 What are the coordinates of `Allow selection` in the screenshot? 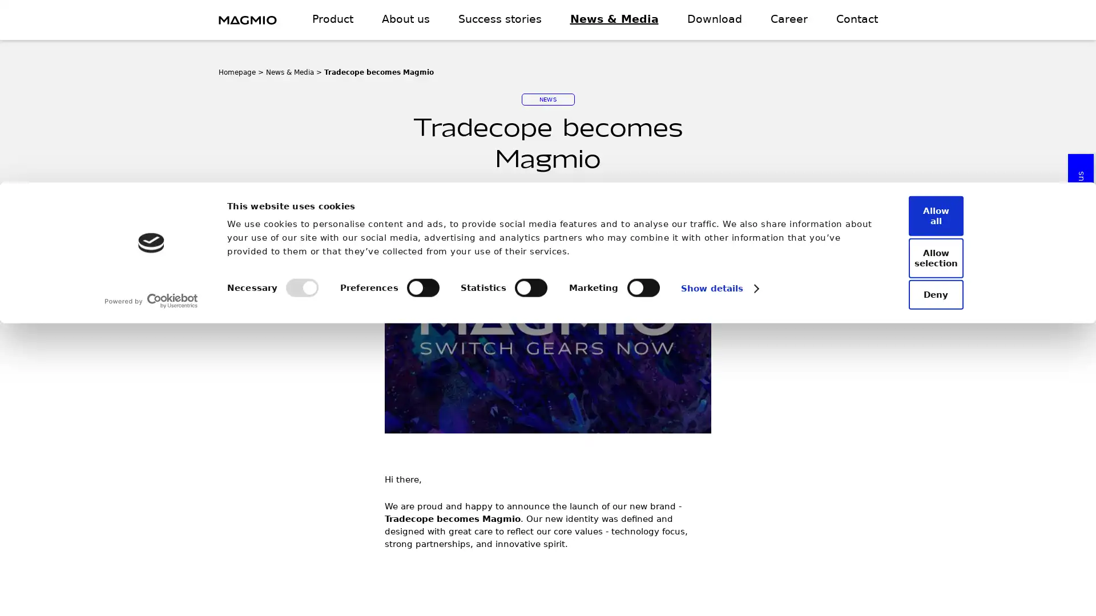 It's located at (923, 549).